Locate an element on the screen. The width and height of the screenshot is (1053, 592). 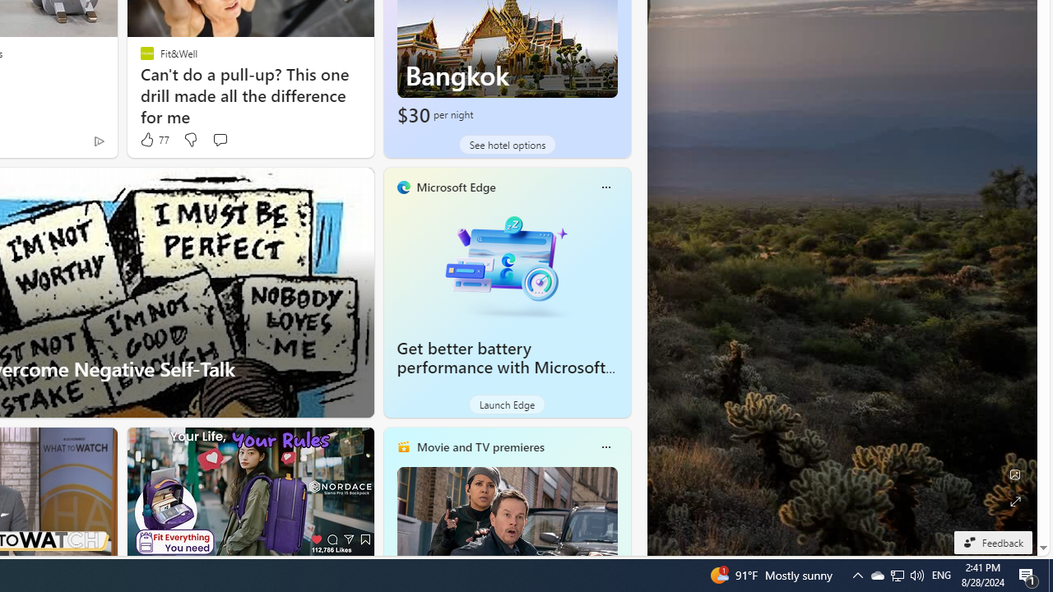
'Expand background' is located at coordinates (1014, 501).